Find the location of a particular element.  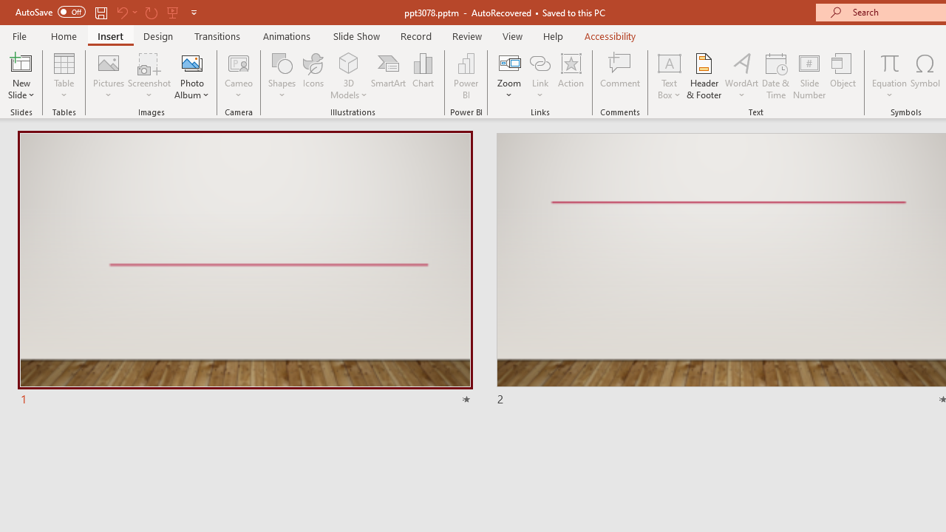

'AutoSave' is located at coordinates (50, 12).